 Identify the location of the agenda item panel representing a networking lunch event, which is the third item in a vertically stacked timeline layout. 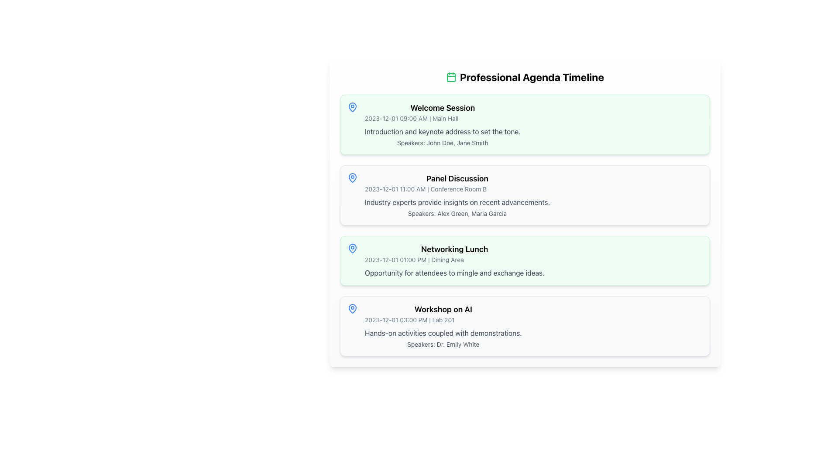
(525, 260).